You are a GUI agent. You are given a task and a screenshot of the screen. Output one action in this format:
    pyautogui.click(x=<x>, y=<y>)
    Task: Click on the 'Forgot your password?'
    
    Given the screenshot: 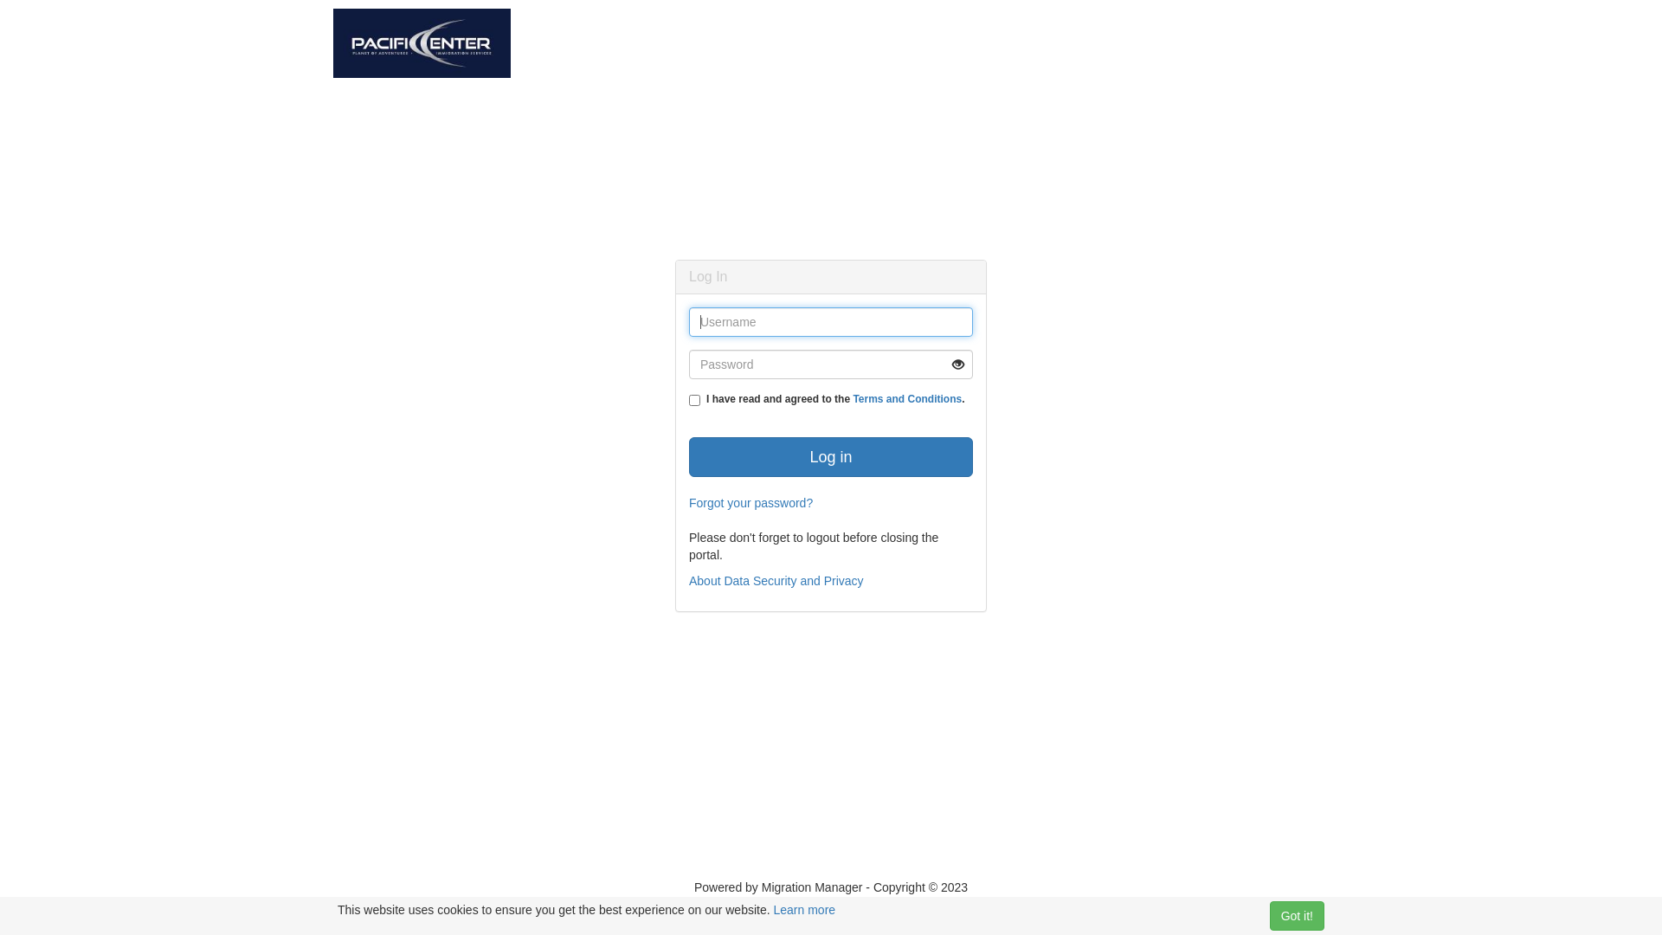 What is the action you would take?
    pyautogui.click(x=750, y=503)
    